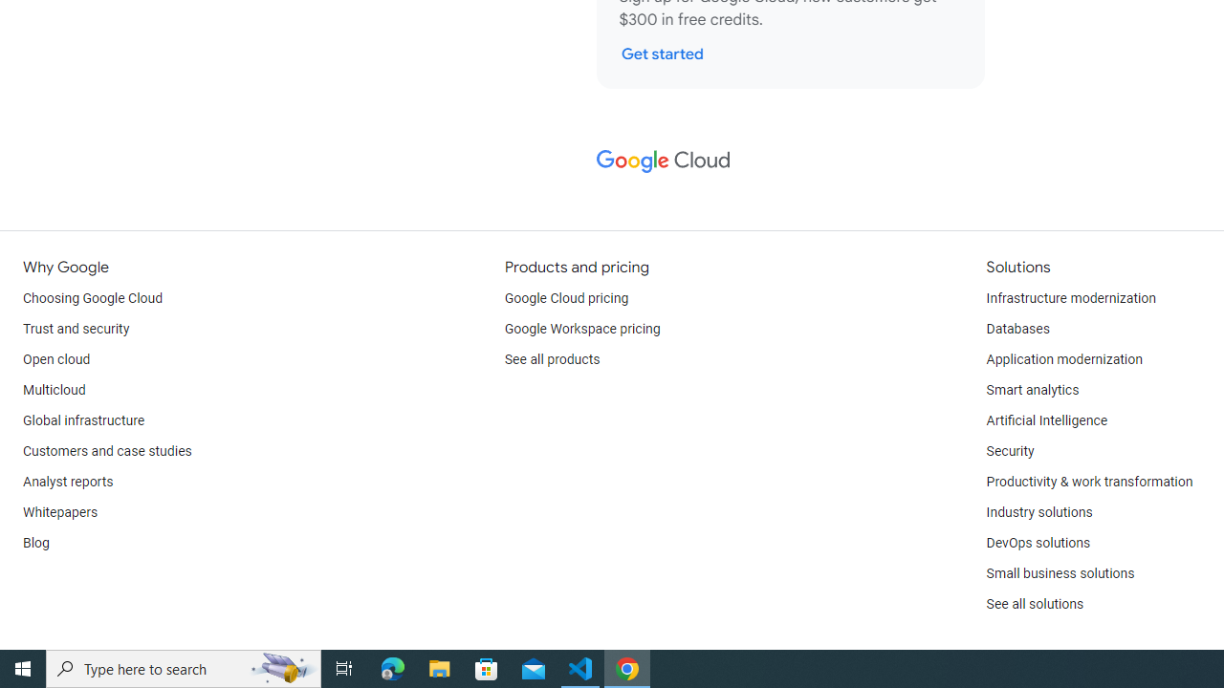  Describe the element at coordinates (1031, 389) in the screenshot. I see `'Smart analytics'` at that location.